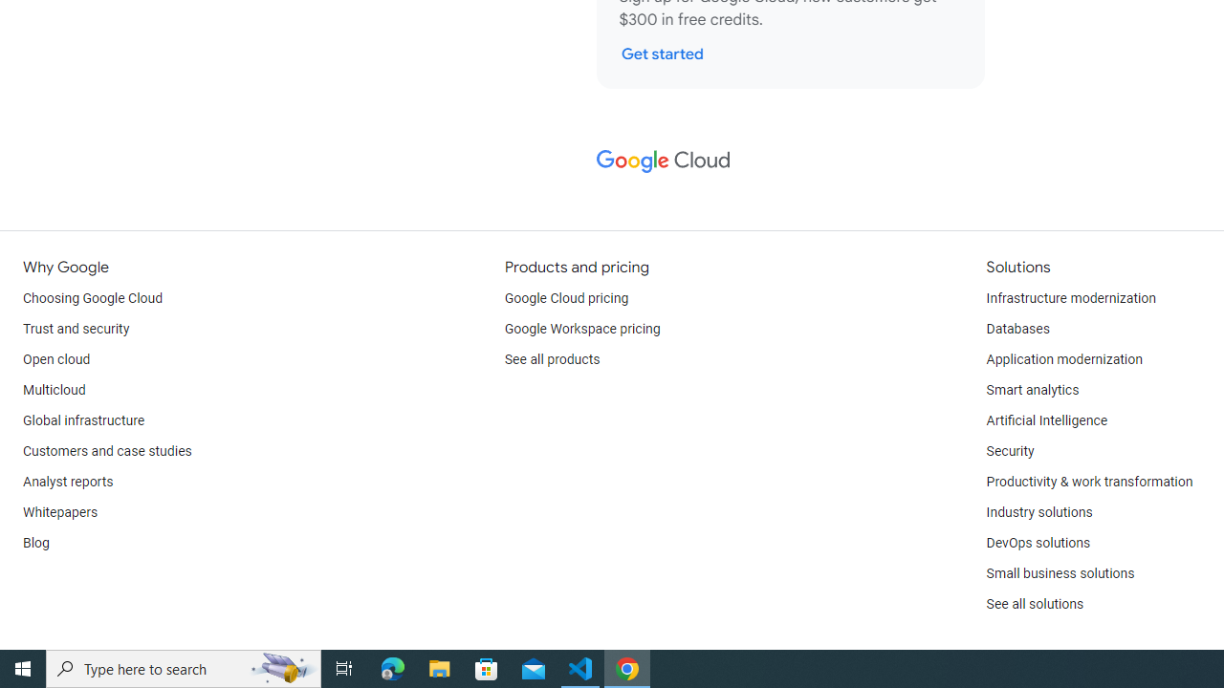  Describe the element at coordinates (1031, 389) in the screenshot. I see `'Smart analytics'` at that location.